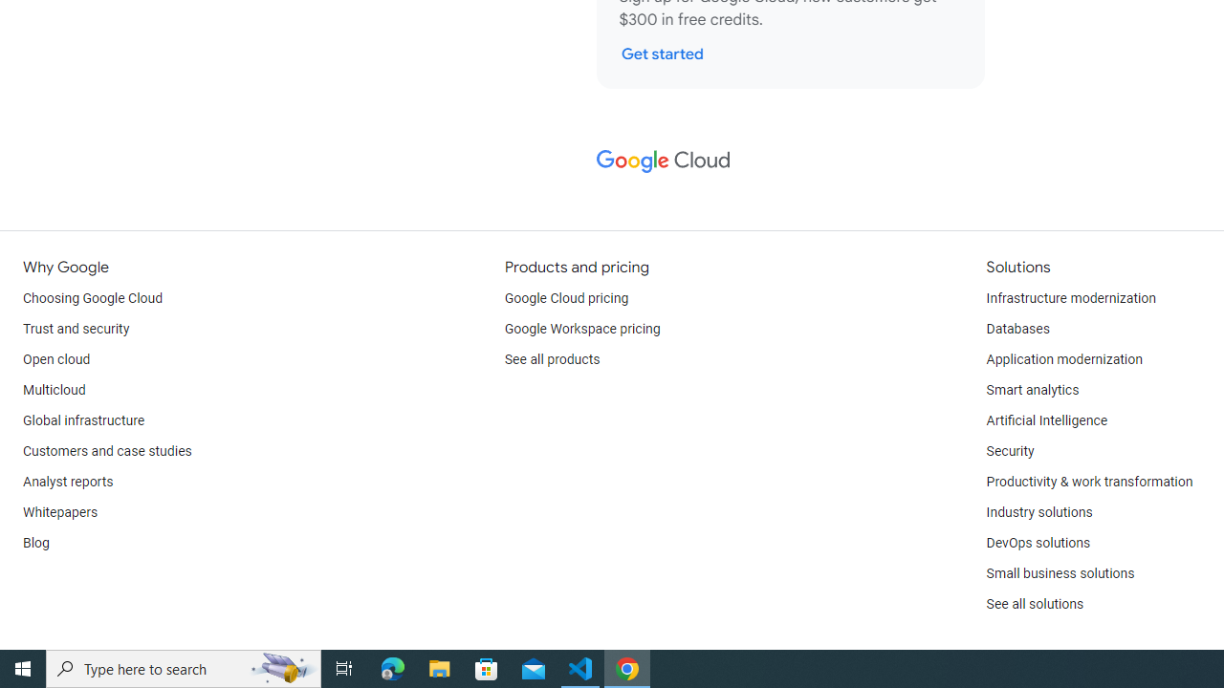  Describe the element at coordinates (1031, 389) in the screenshot. I see `'Smart analytics'` at that location.